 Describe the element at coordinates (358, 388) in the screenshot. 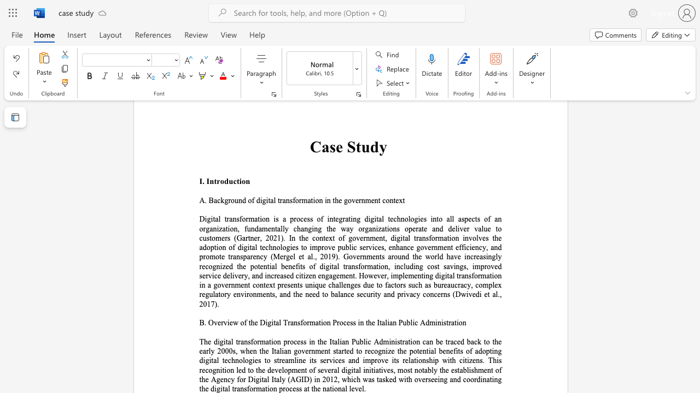

I see `the space between the continuous character "v" and "e" in the text` at that location.